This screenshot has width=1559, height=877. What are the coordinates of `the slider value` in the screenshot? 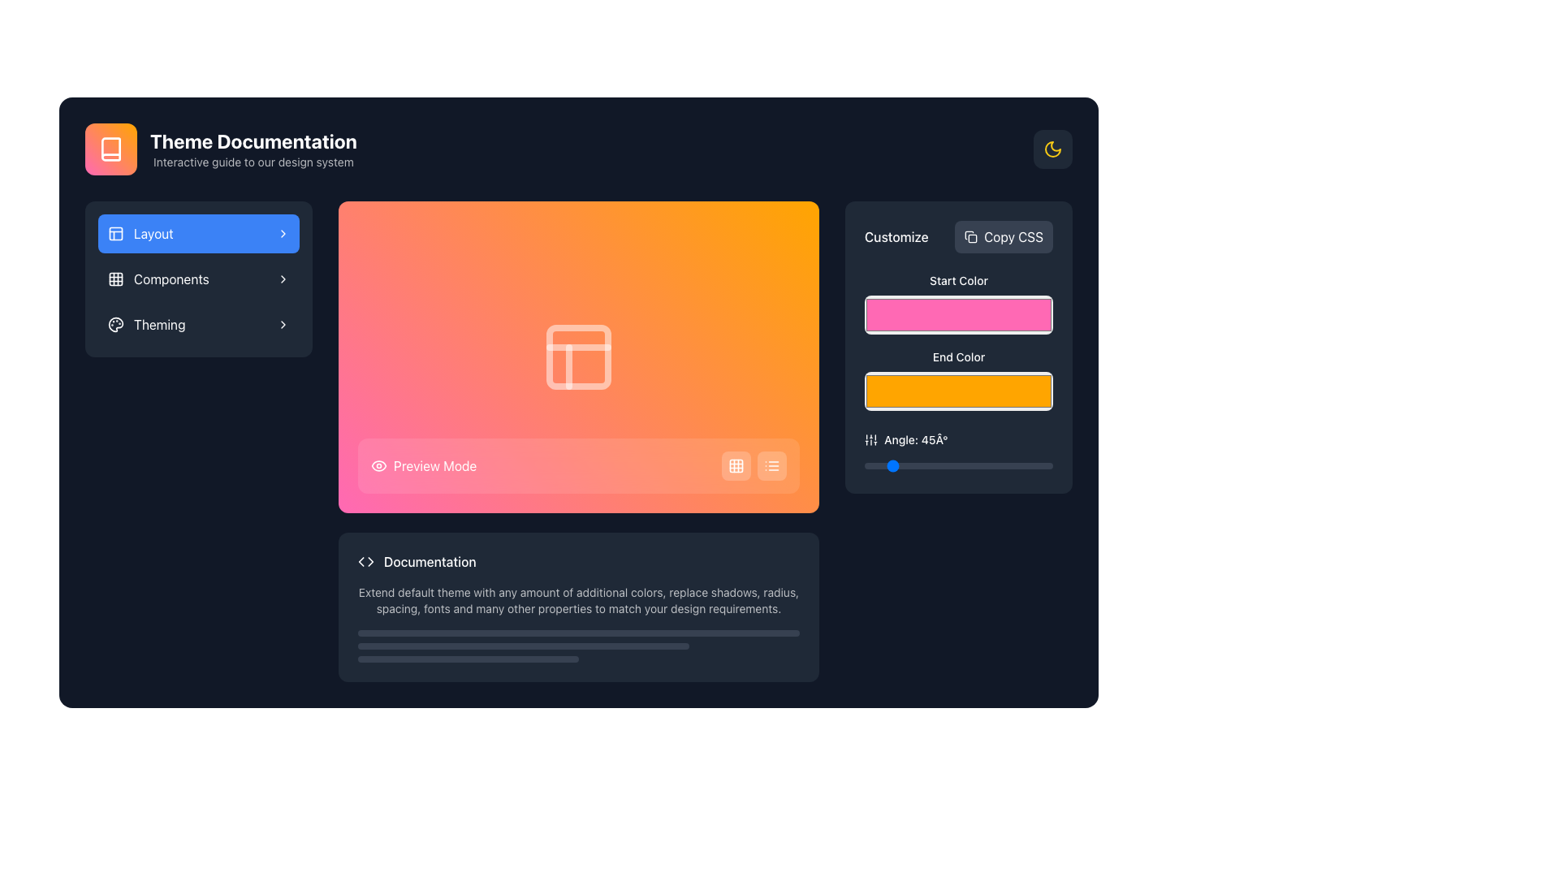 It's located at (977, 466).